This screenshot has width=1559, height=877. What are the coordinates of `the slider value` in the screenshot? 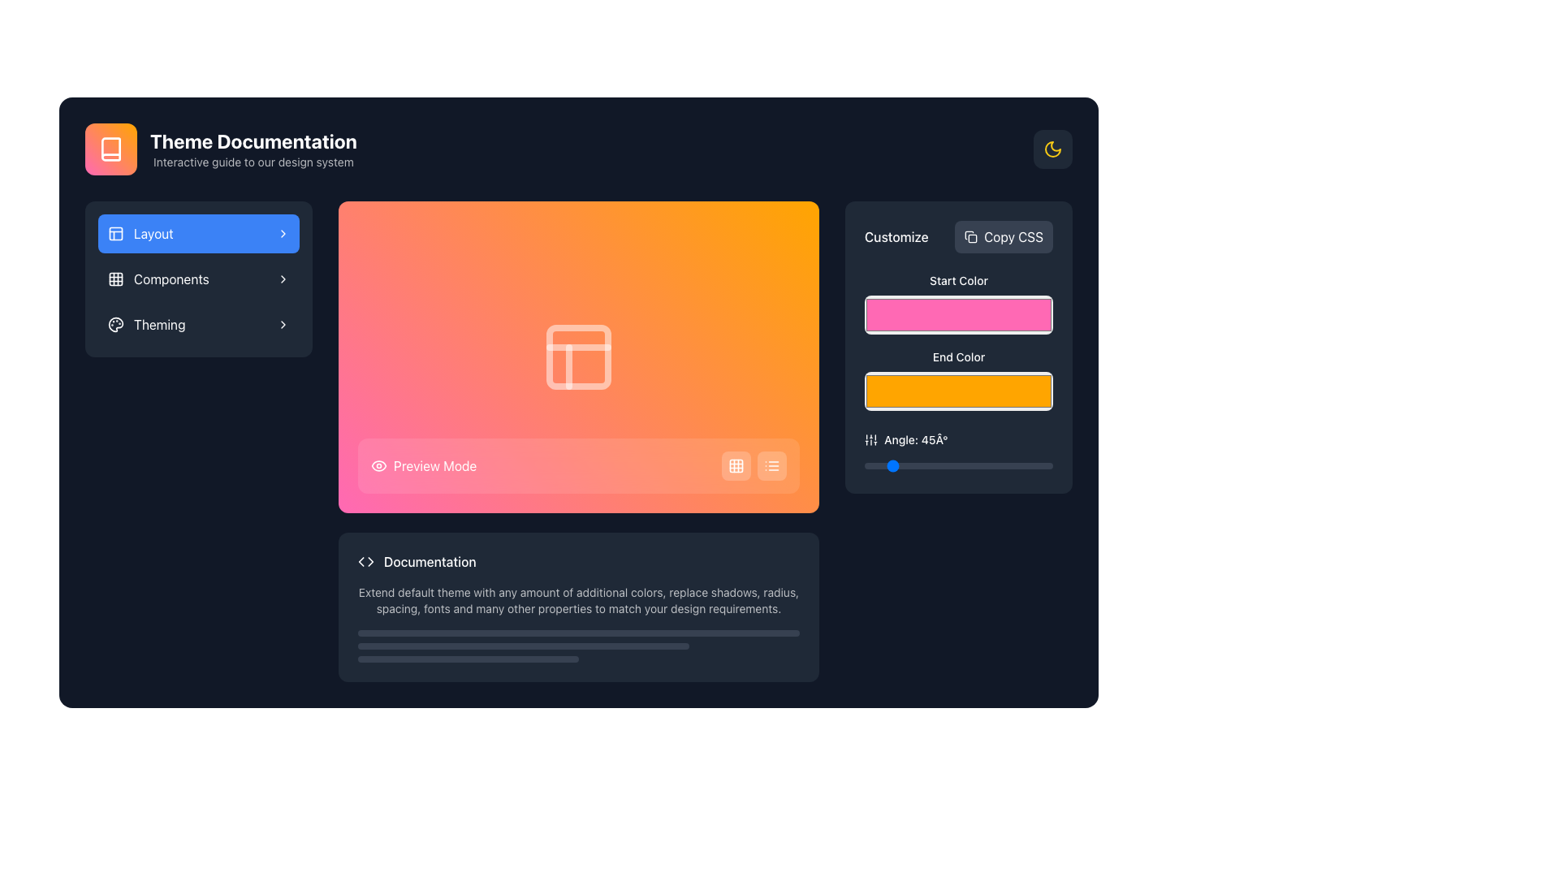 It's located at (977, 466).